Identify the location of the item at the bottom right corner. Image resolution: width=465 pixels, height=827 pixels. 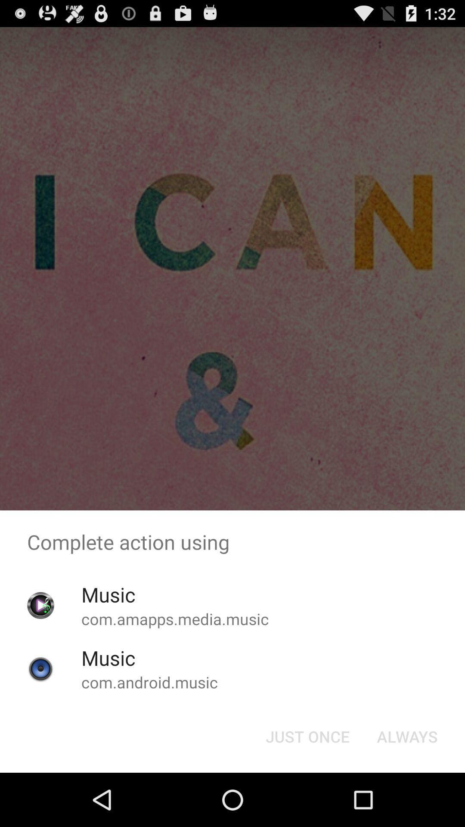
(407, 736).